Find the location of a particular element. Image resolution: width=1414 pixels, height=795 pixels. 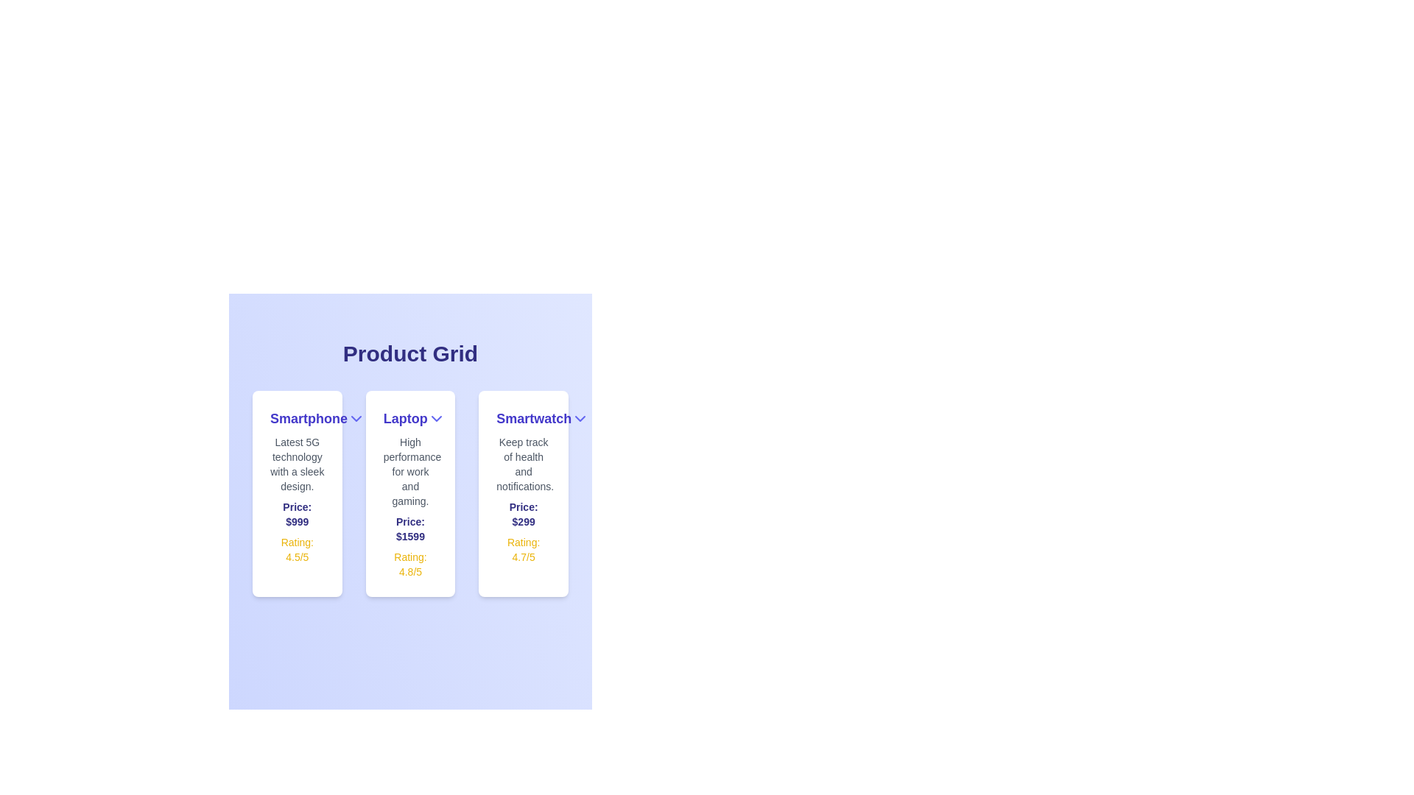

the text label displaying 'Price: $299' in bold indigo color, located within the details panel of the product card for the Smartwatch is located at coordinates (524, 513).